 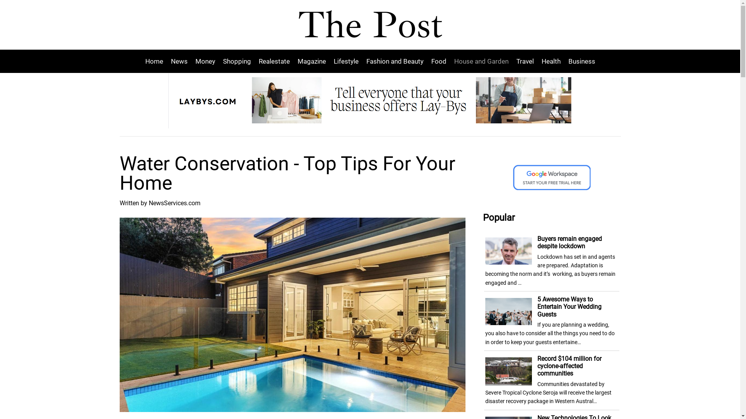 I want to click on 'Magazine', so click(x=312, y=61).